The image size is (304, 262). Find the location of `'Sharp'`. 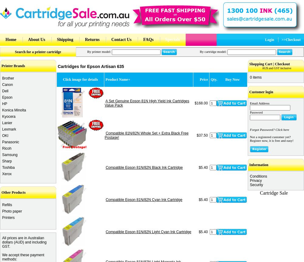

'Sharp' is located at coordinates (7, 161).